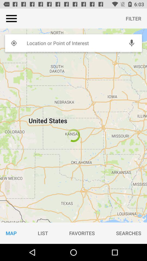  What do you see at coordinates (14, 43) in the screenshot?
I see `the location_crosshair icon` at bounding box center [14, 43].